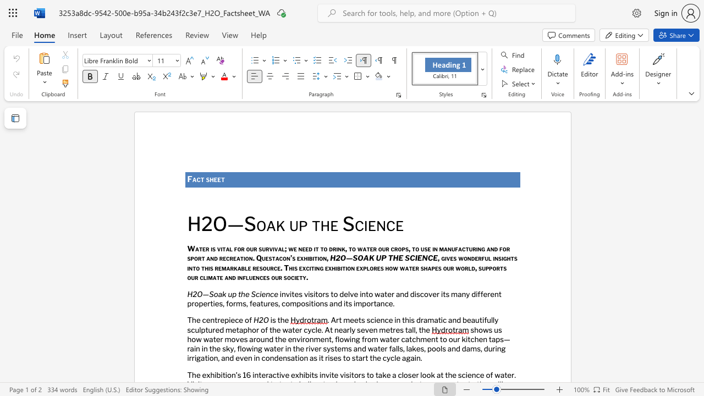 This screenshot has height=396, width=704. I want to click on the subset text "o water our" within the text "Water is vital for our survival; we need it to drink, to water our crops, to use in manufacturing and for sport and recreation. Questacon’s exhibition,", so click(352, 249).